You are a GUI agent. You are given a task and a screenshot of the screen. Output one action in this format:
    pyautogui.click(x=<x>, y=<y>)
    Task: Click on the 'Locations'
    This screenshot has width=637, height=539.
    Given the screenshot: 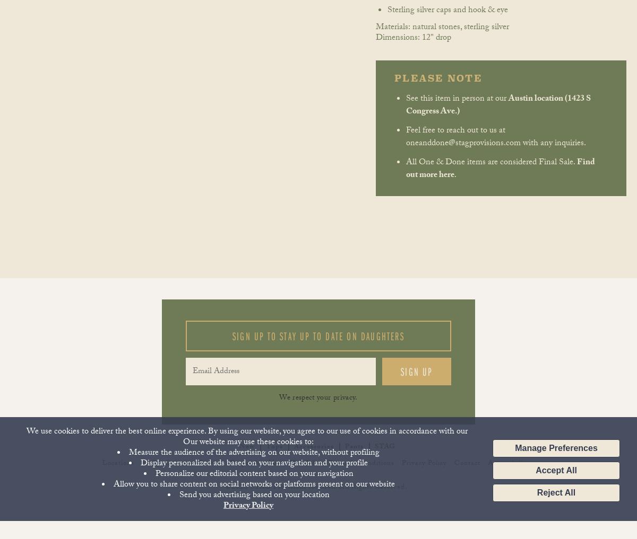 What is the action you would take?
    pyautogui.click(x=101, y=464)
    